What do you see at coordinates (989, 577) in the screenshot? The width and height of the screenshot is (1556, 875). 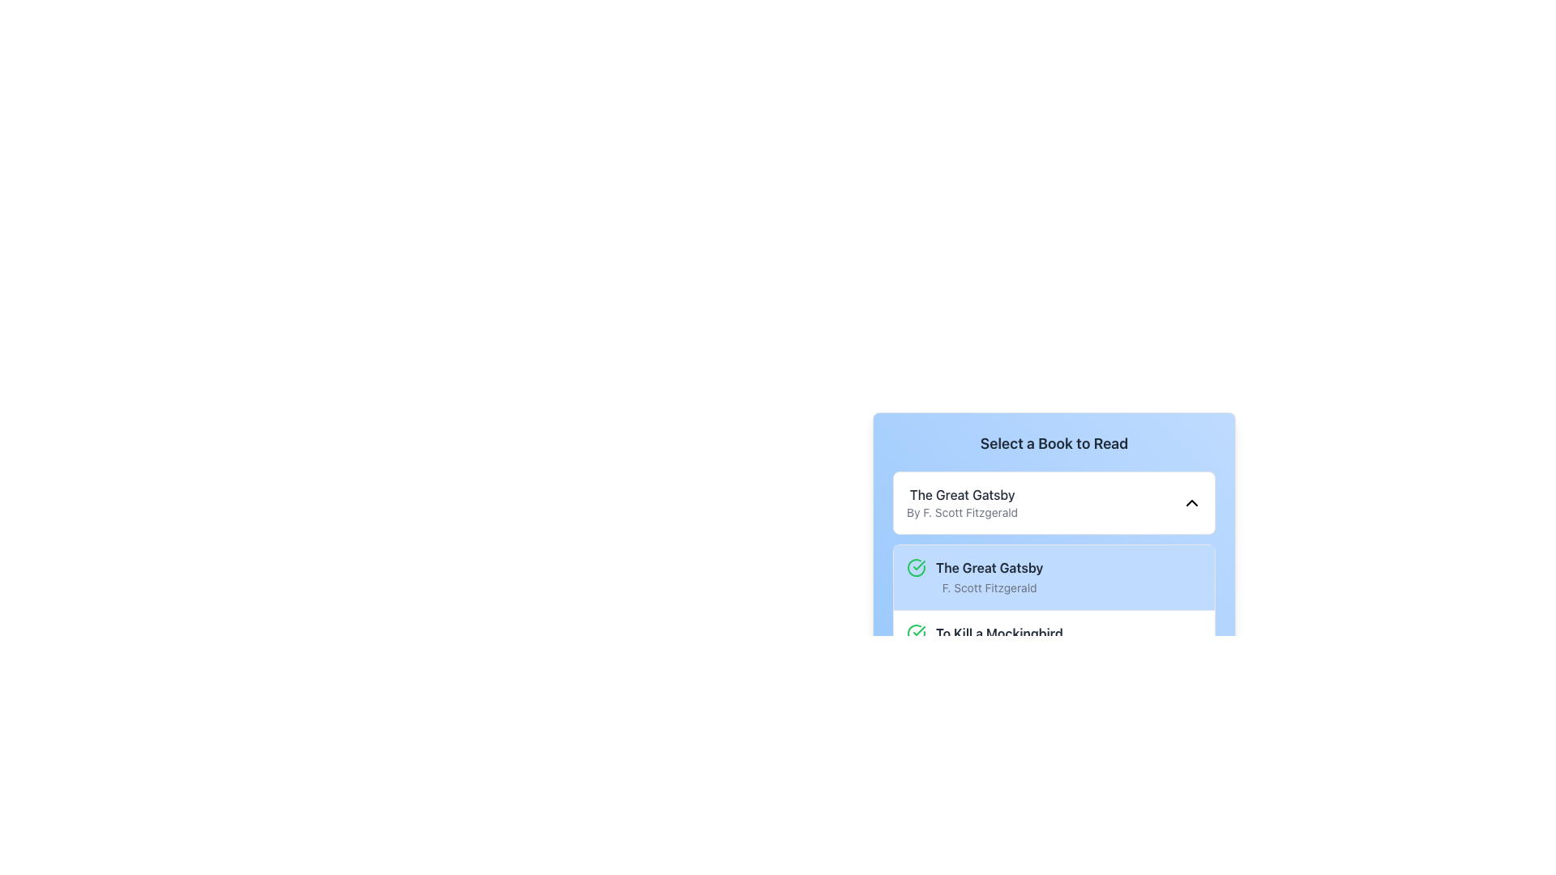 I see `the text element displaying 'The Great Gatsby' by F. Scott Fitzgerald` at bounding box center [989, 577].